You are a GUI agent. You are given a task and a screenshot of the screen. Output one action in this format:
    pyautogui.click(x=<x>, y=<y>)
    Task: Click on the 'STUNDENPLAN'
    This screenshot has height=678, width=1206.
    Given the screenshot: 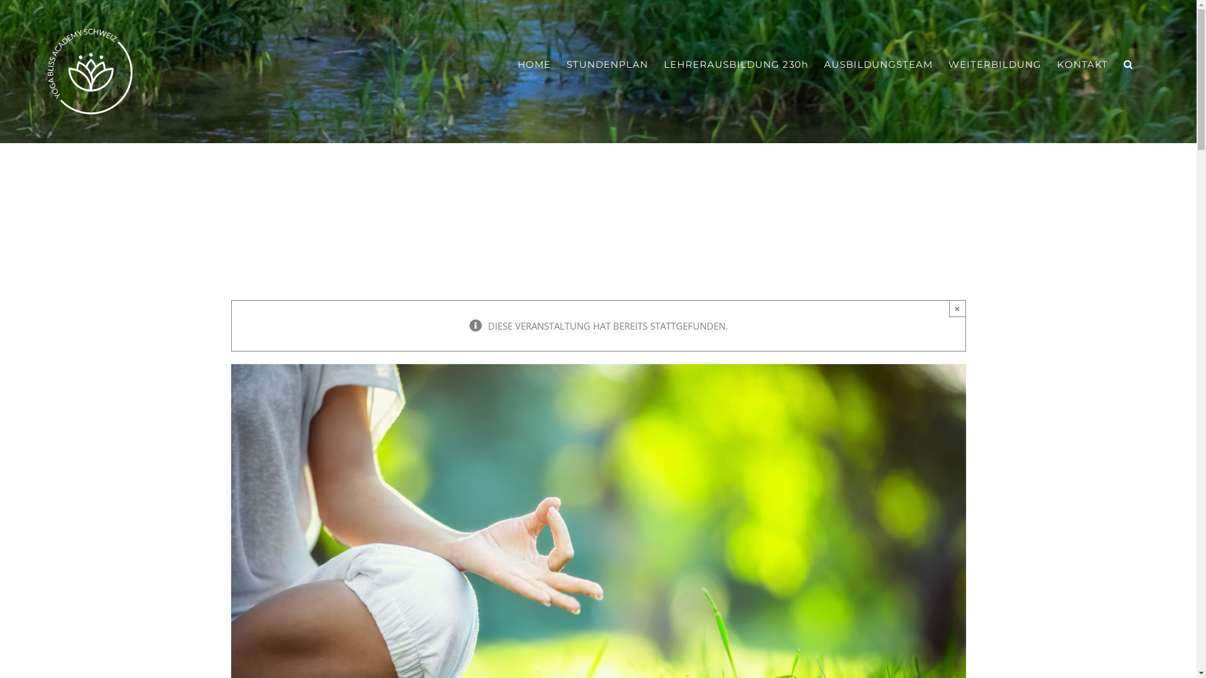 What is the action you would take?
    pyautogui.click(x=607, y=64)
    